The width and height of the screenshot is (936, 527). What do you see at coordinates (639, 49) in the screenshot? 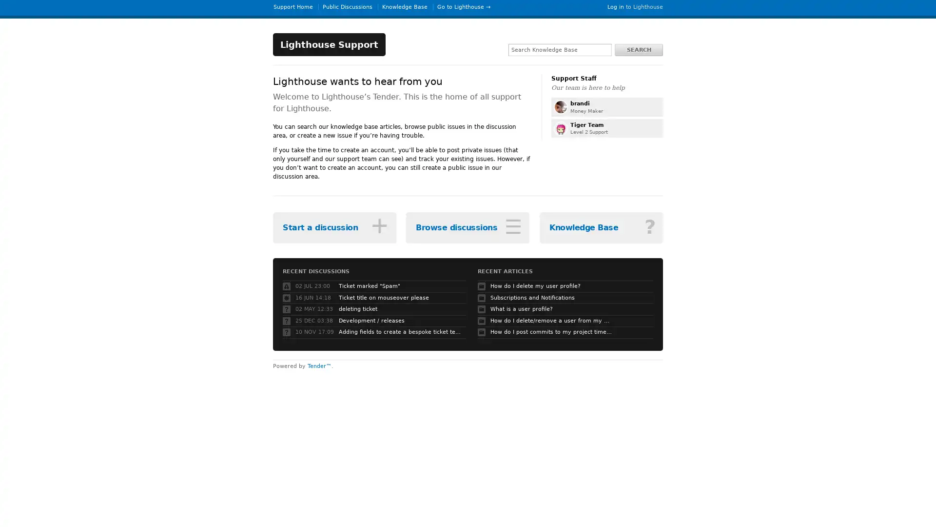
I see `SEARCH` at bounding box center [639, 49].